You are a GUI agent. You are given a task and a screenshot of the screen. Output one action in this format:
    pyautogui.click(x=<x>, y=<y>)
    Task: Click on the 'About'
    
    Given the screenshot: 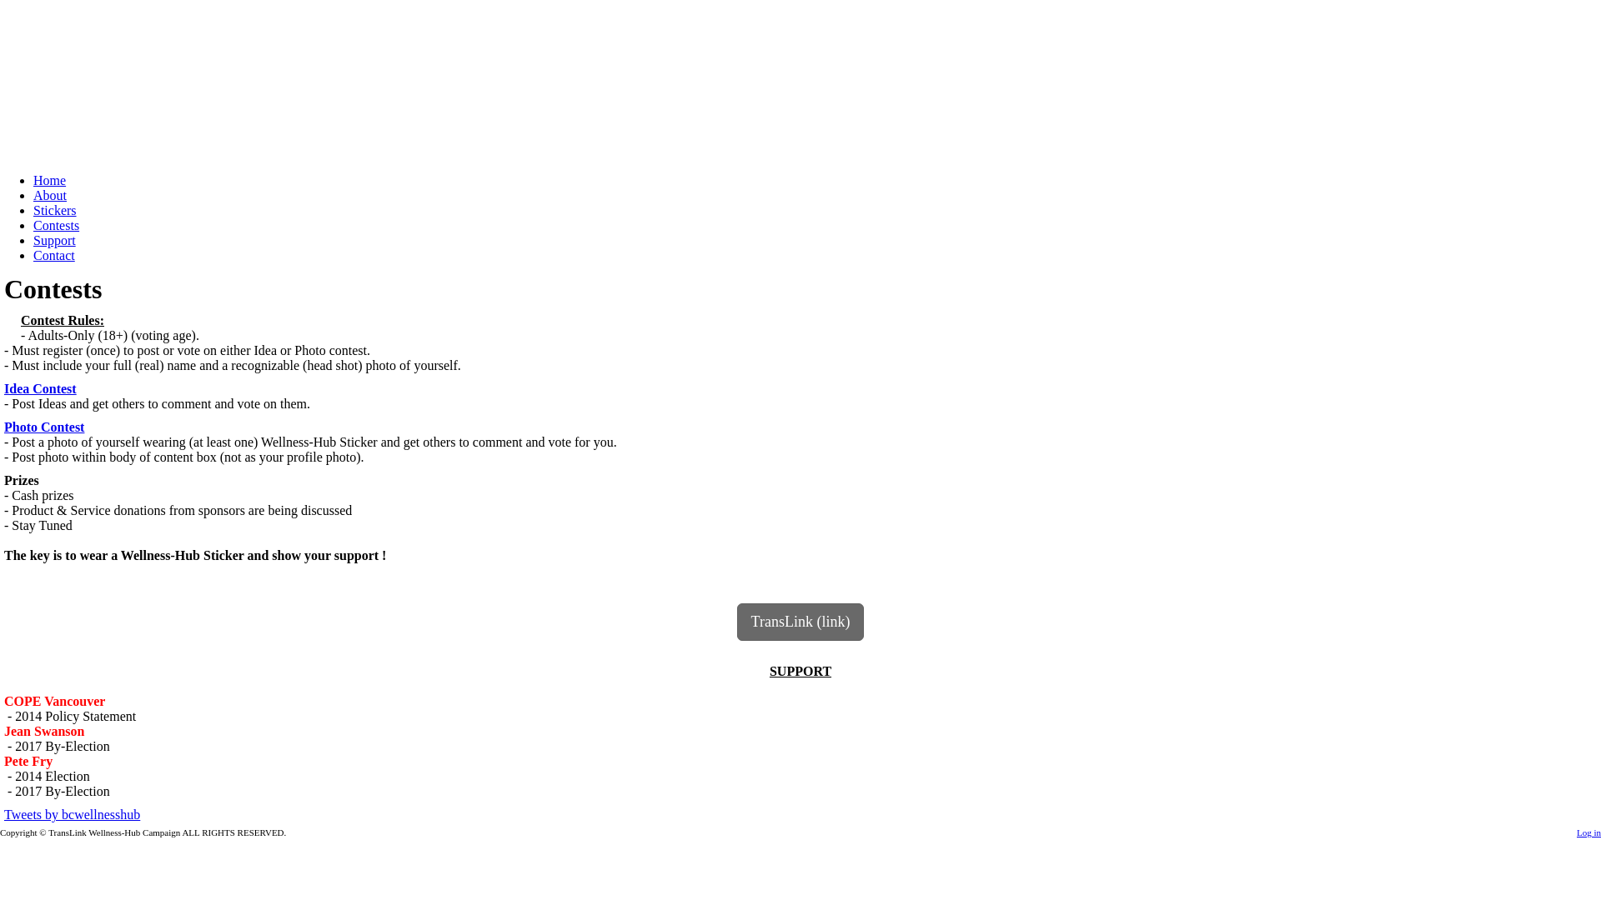 What is the action you would take?
    pyautogui.click(x=49, y=194)
    